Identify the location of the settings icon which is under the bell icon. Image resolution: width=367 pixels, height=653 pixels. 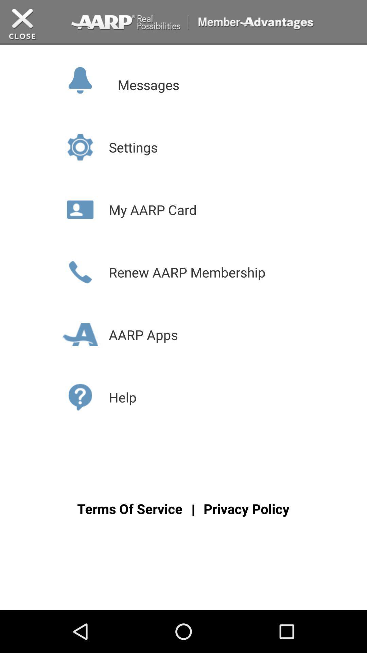
(80, 147).